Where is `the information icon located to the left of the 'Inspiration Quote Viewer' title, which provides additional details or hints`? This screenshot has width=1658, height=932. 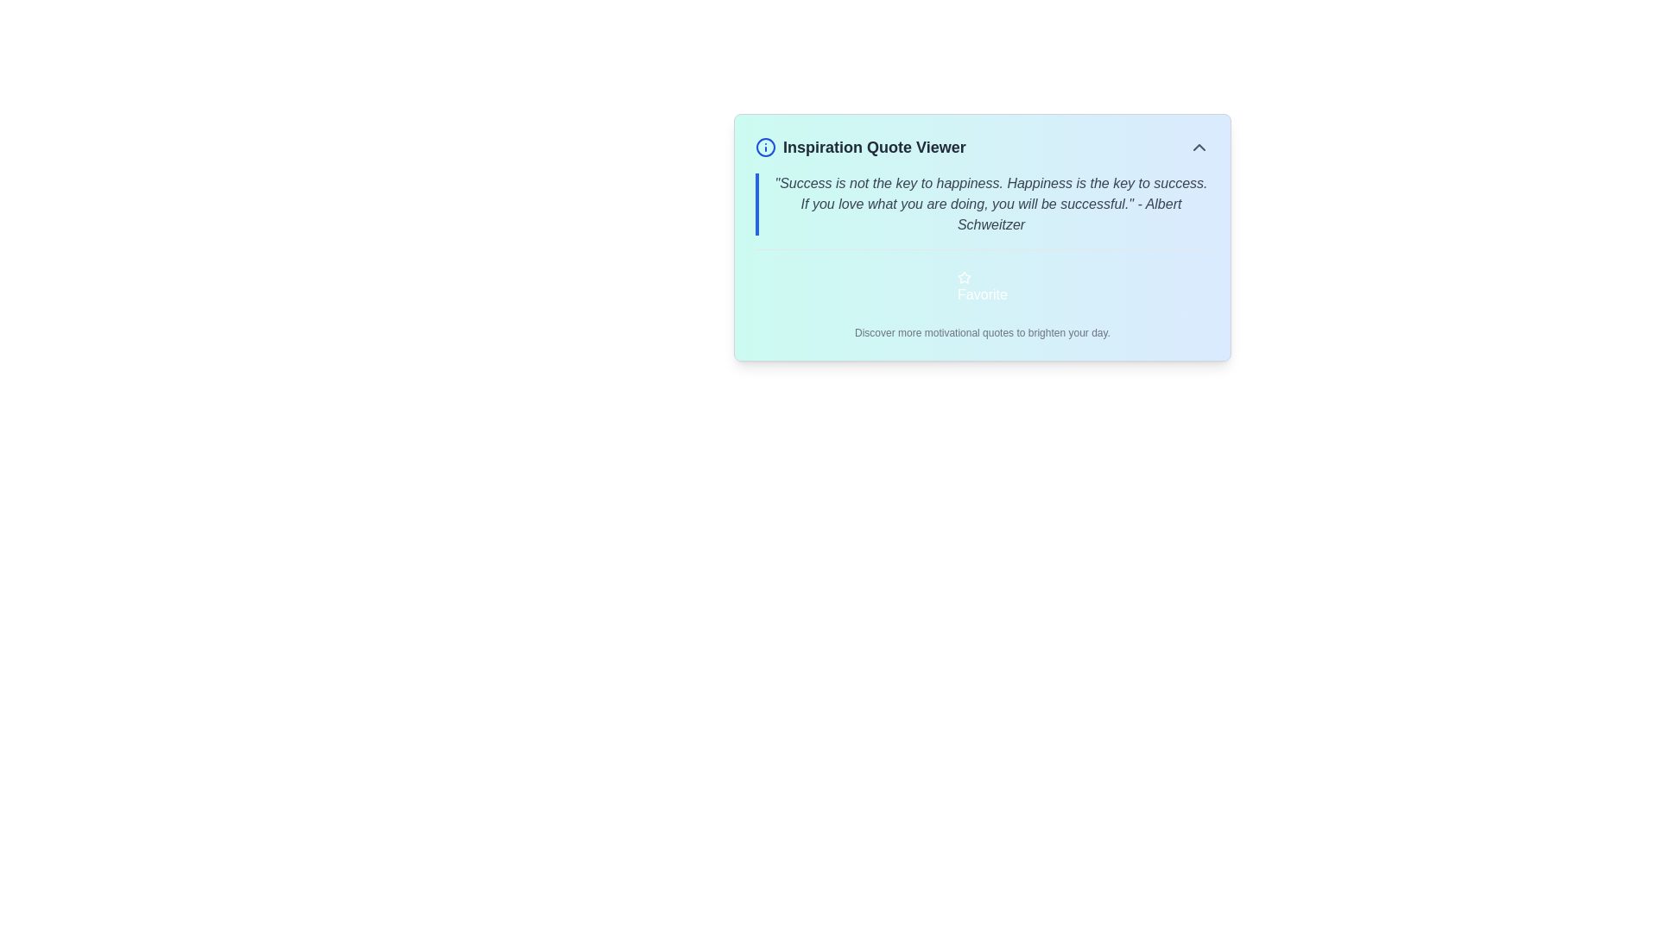 the information icon located to the left of the 'Inspiration Quote Viewer' title, which provides additional details or hints is located at coordinates (765, 146).